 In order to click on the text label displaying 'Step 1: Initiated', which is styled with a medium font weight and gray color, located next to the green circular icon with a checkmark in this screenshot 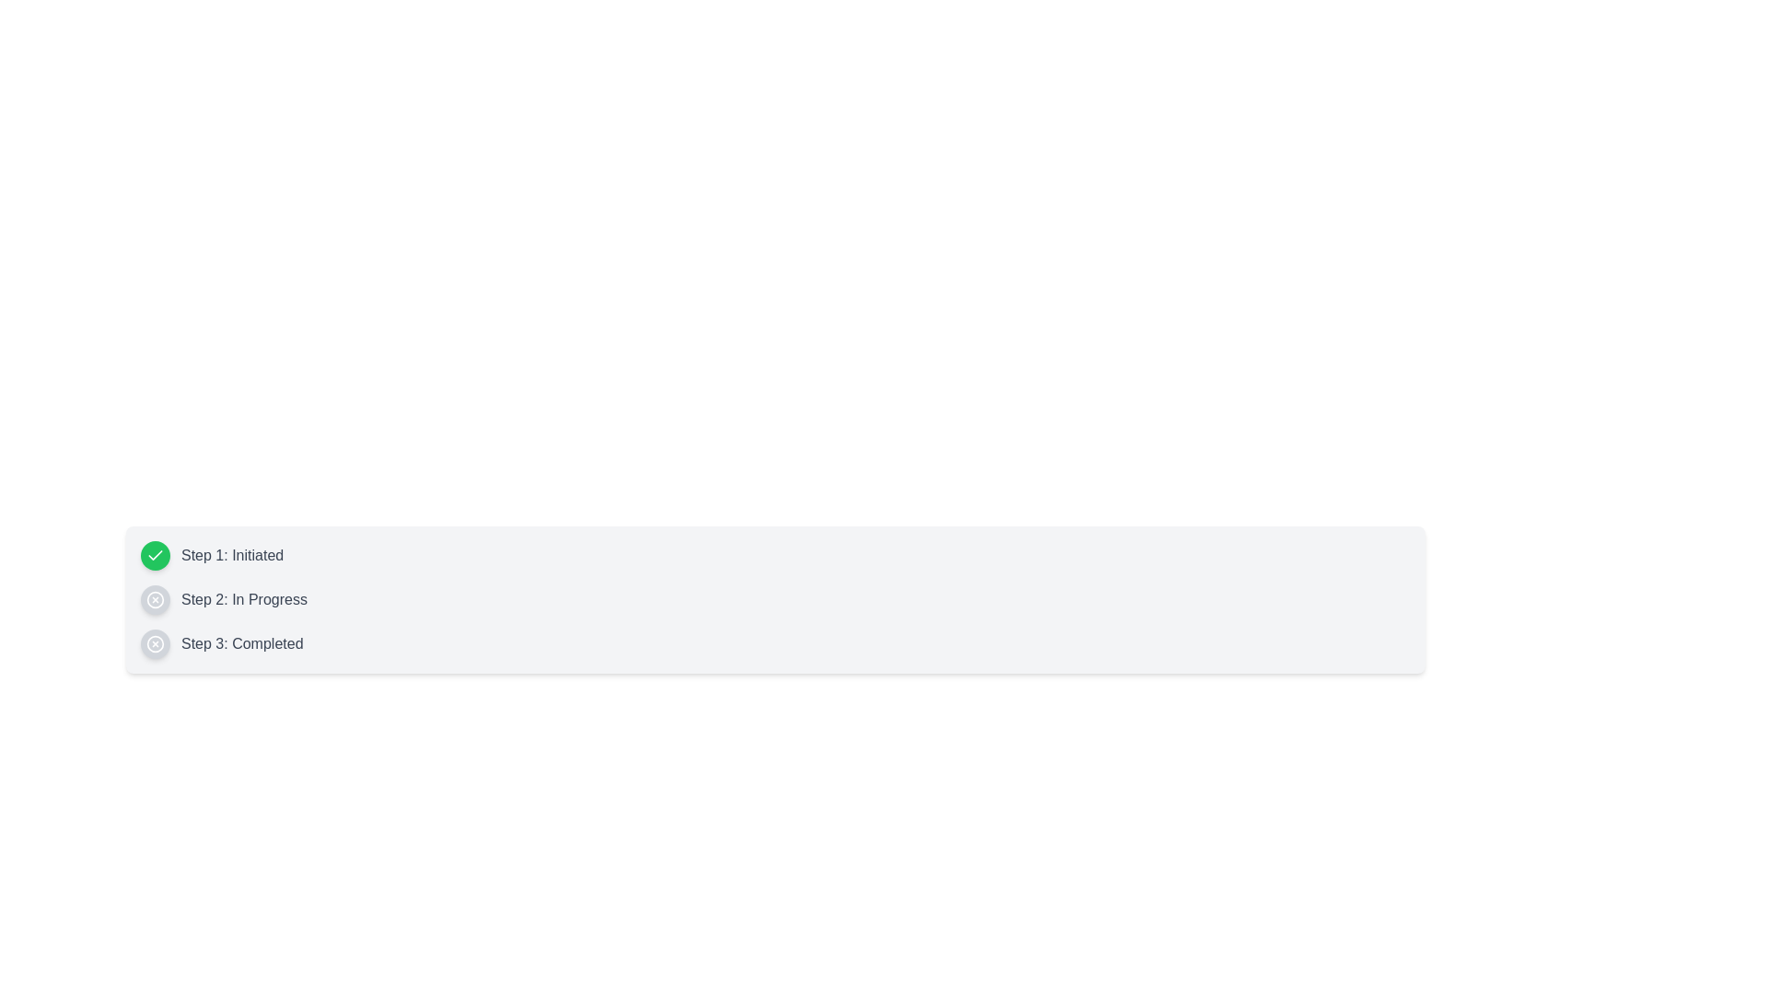, I will do `click(231, 555)`.